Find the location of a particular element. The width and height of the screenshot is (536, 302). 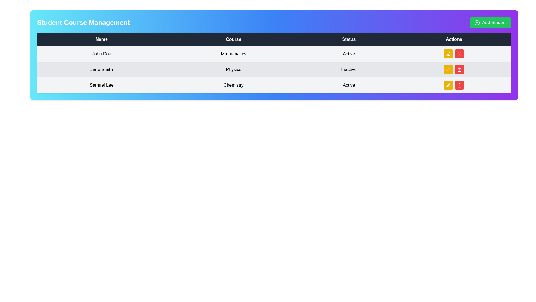

the edit icon button in the 'Actions' column for 'John Doe' is located at coordinates (448, 69).